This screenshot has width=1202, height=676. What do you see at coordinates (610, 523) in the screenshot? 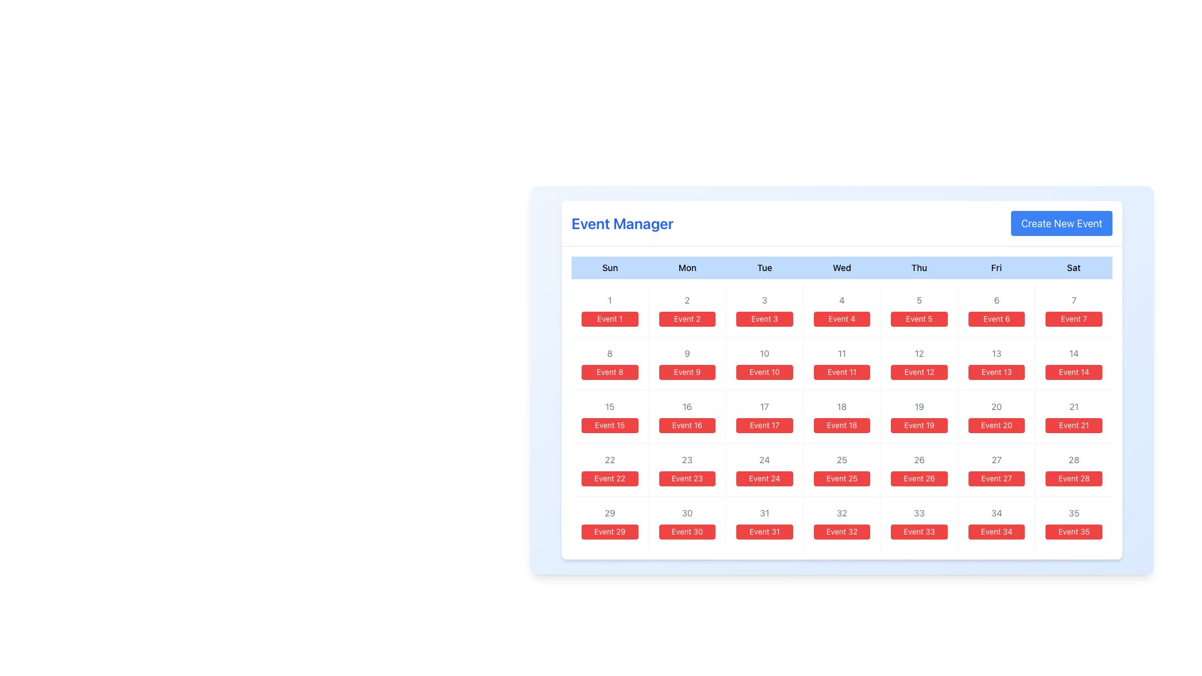
I see `the calendar day element displaying '29' with the associated event 'Event 29' in the Event Manager interface` at bounding box center [610, 523].